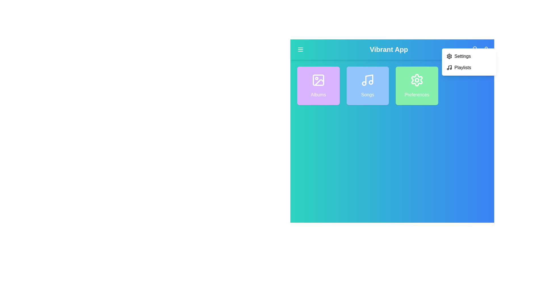 The image size is (545, 306). I want to click on the user icon to toggle the dropdown menu, so click(486, 49).